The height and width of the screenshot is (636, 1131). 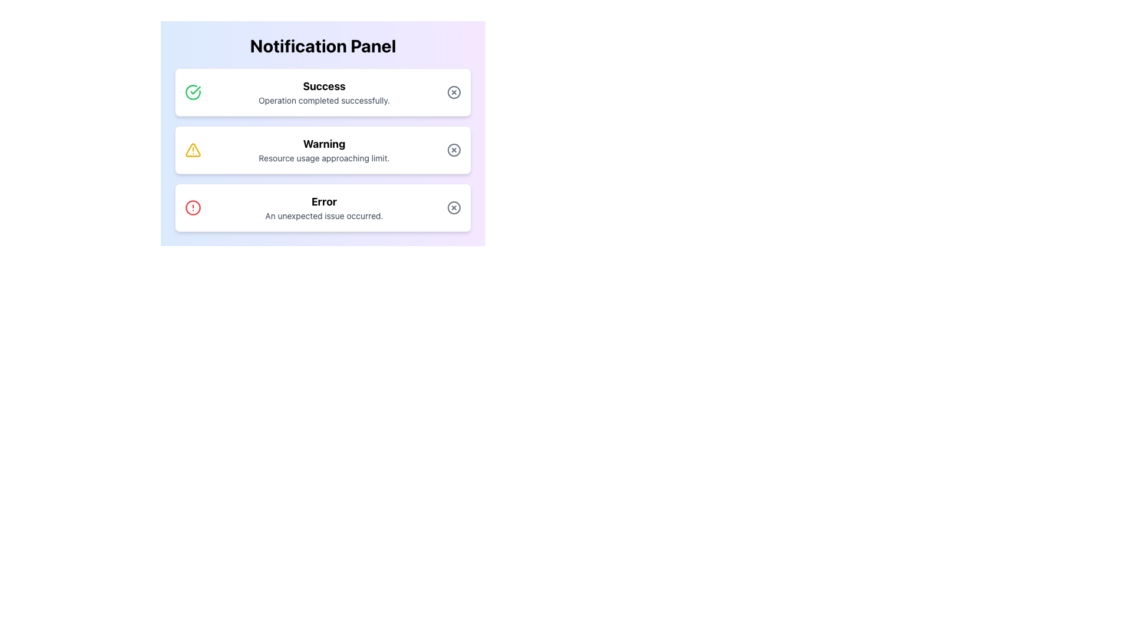 I want to click on the success icon in the notification panel, which indicates a successful operation with the text 'Success' and 'Operation completed successfully.', so click(x=193, y=92).